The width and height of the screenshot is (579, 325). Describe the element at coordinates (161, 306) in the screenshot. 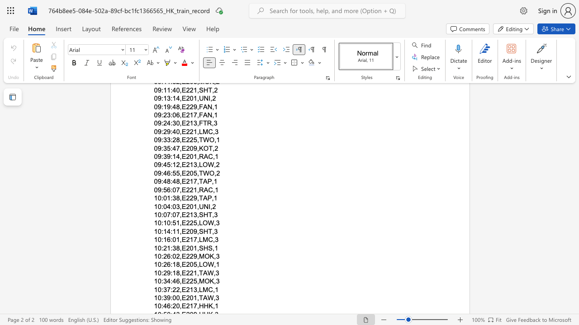

I see `the subset text ":46:20,E217,H" within the text "10:46:20,E217,HHK,1"` at that location.